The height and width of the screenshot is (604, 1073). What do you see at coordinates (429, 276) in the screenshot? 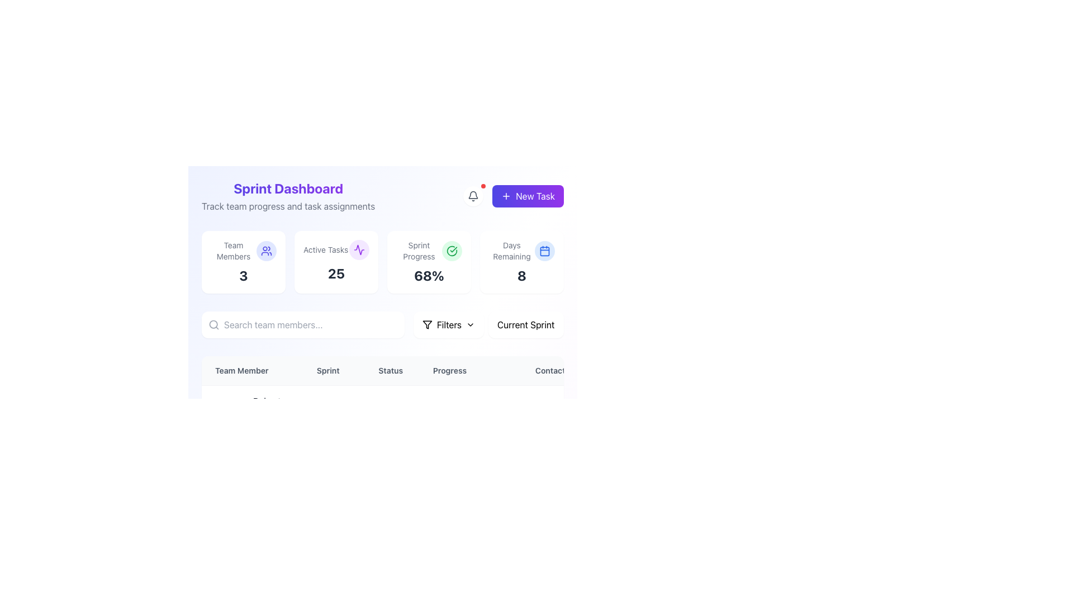
I see `on the Text Display element that shows the current progress of a sprint as a percentage, located under the 'Sprint Progress' title in the third column of the layout` at bounding box center [429, 276].